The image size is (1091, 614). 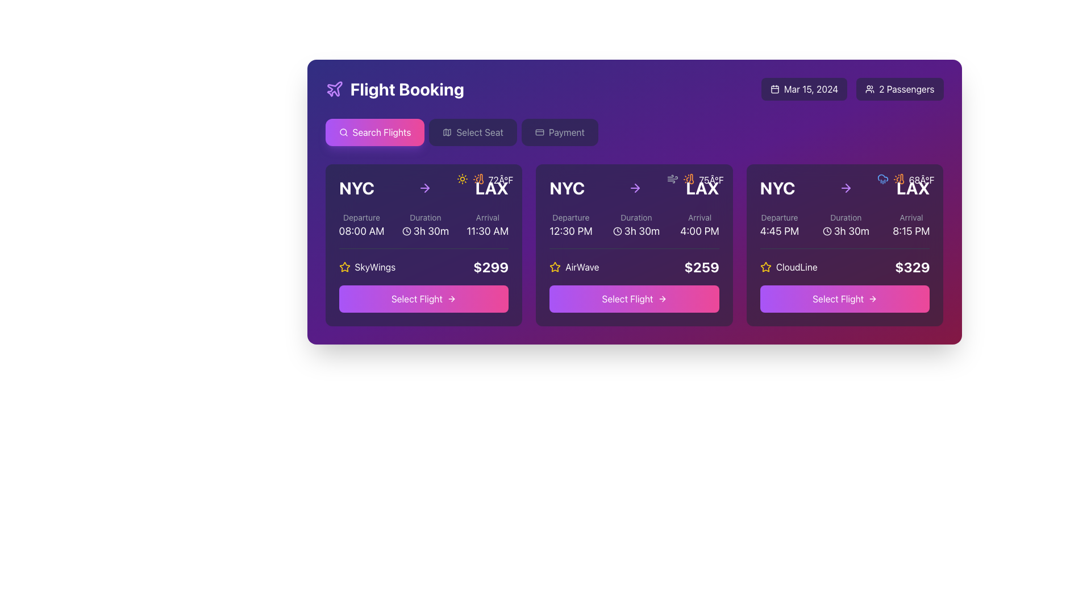 I want to click on the temperature display '72Â°F' with associated sun and thermometer icons located at the top-right corner of the flight offer card, so click(x=485, y=179).